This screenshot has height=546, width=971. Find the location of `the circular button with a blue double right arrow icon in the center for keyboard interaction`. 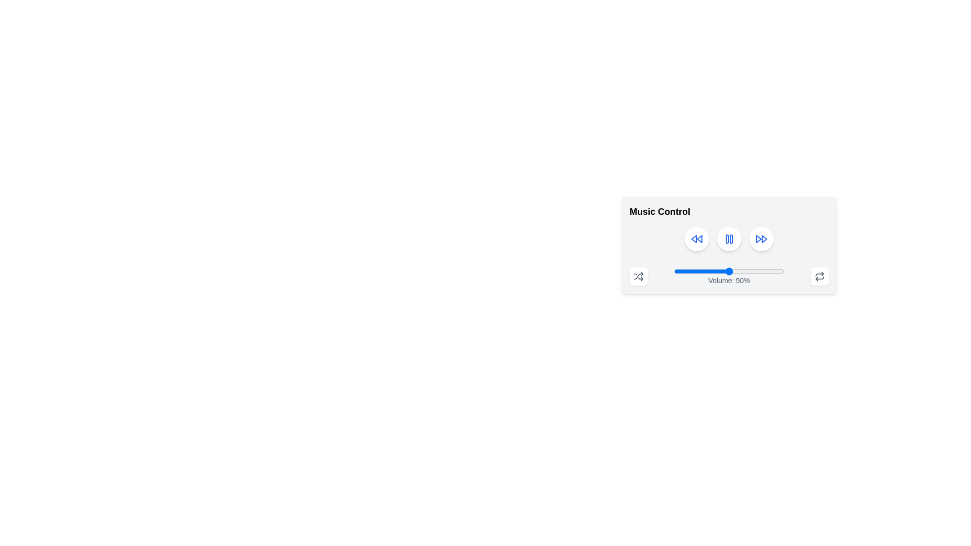

the circular button with a blue double right arrow icon in the center for keyboard interaction is located at coordinates (762, 239).